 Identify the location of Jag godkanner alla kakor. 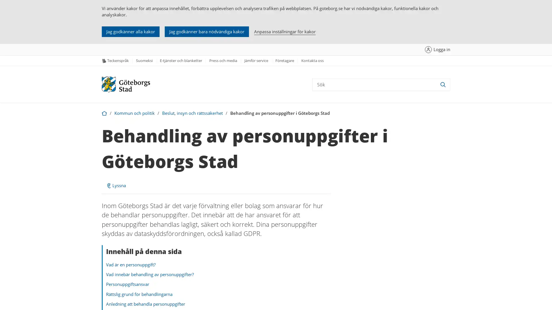
(130, 32).